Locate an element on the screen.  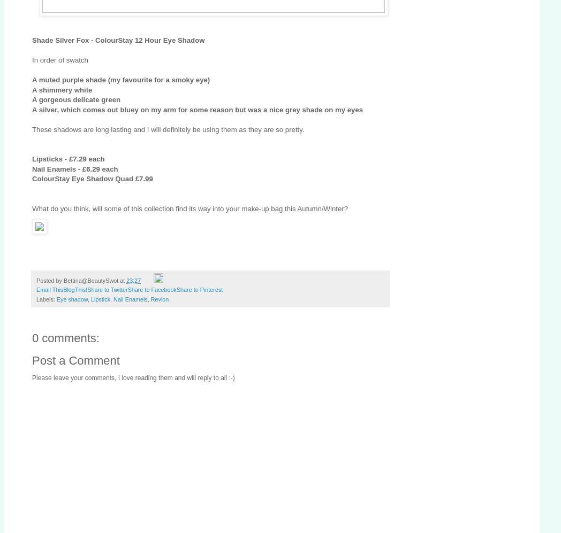
'Shade Silver Fox - ColourStay 12 Hour Eye Shadow' is located at coordinates (32, 40).